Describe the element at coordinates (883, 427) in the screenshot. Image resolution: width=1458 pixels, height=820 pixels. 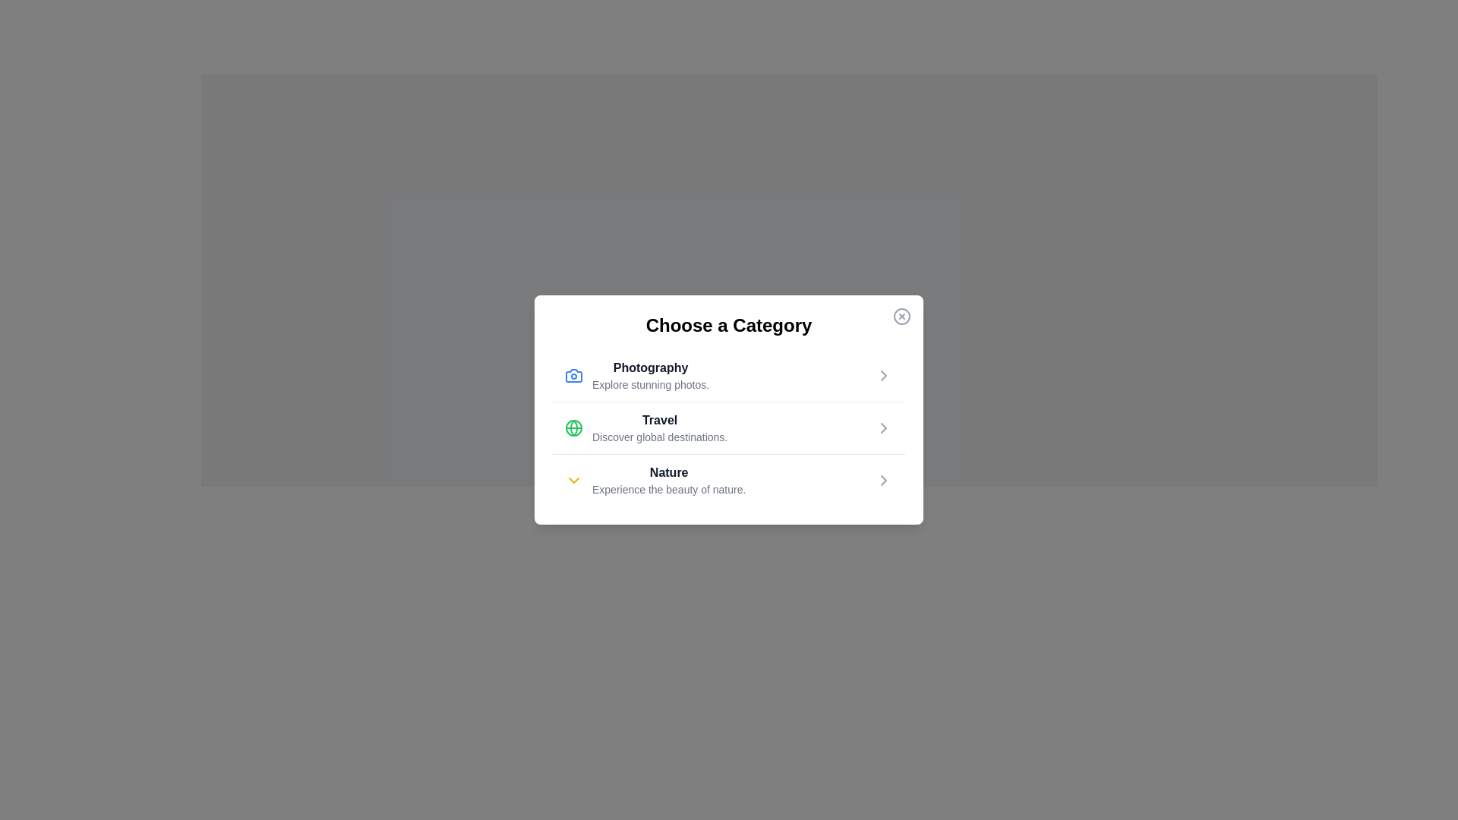
I see `the chevron icon located to the far right of the 'Travel' item in the 'Choose a Category' interface` at that location.